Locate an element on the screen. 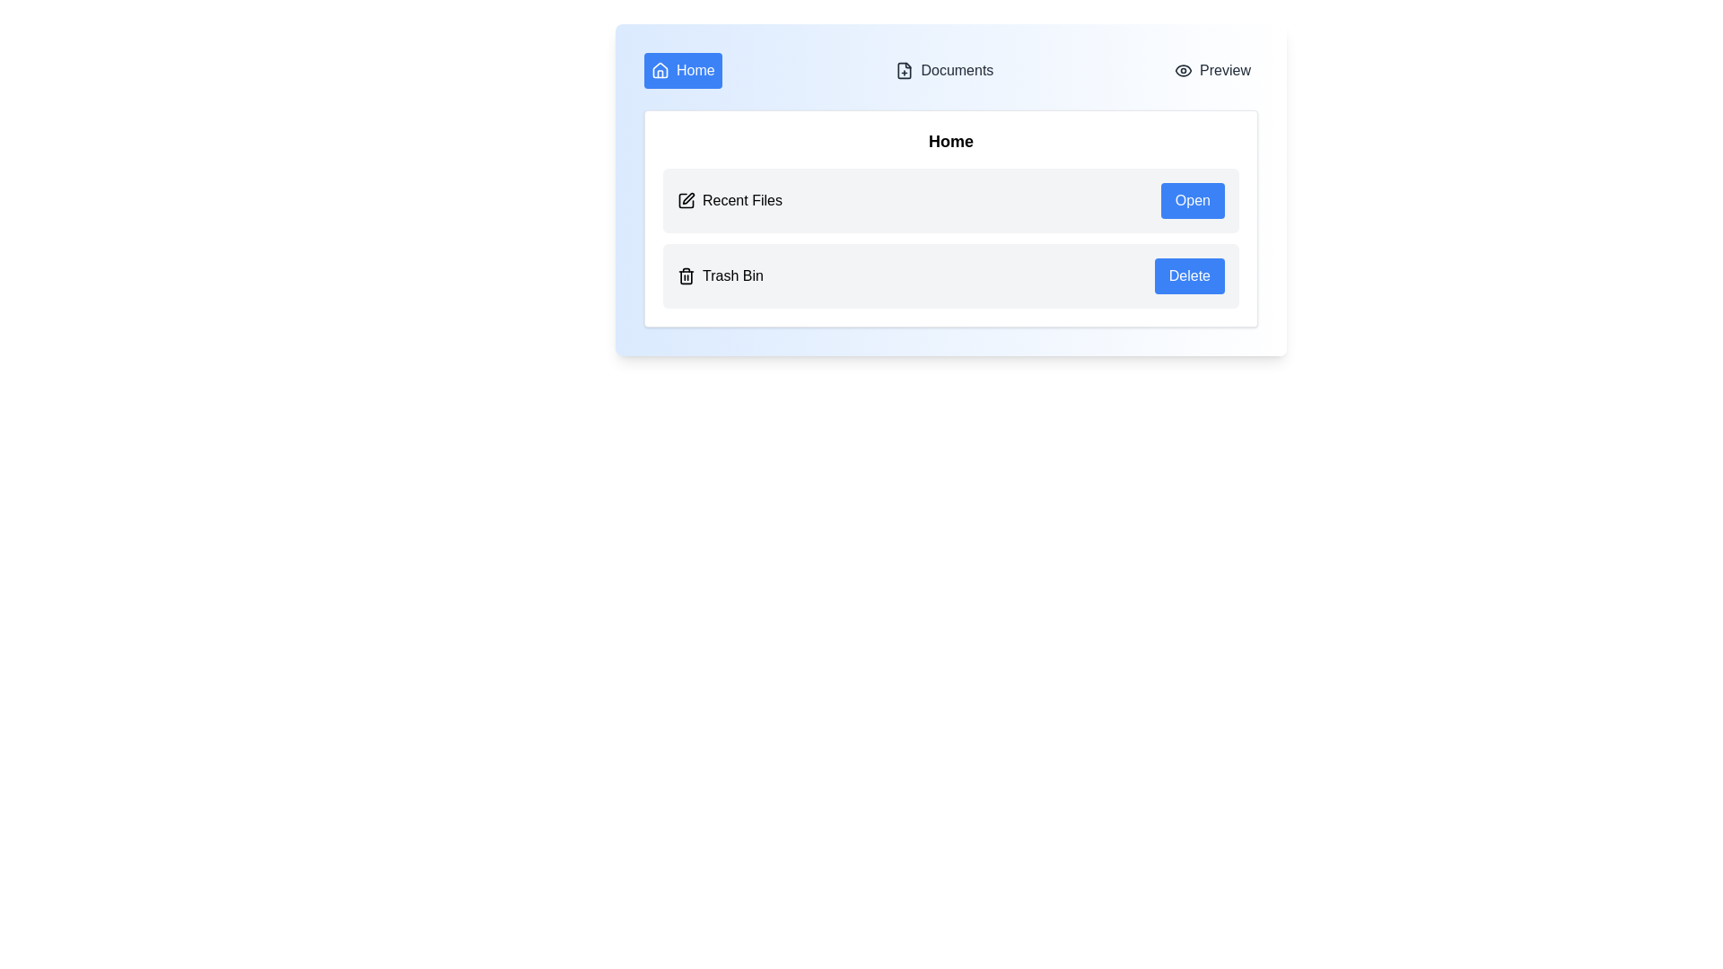 The width and height of the screenshot is (1723, 969). the 'Recent Files' label that features a pencil icon, indicating it is an editable section is located at coordinates (730, 200).